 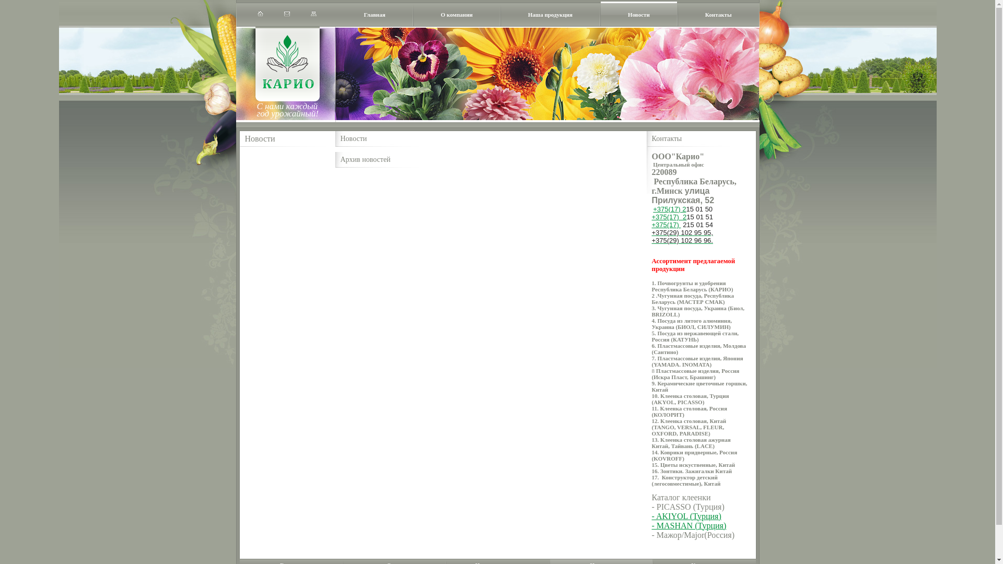 I want to click on '+375(17)  2', so click(x=651, y=216).